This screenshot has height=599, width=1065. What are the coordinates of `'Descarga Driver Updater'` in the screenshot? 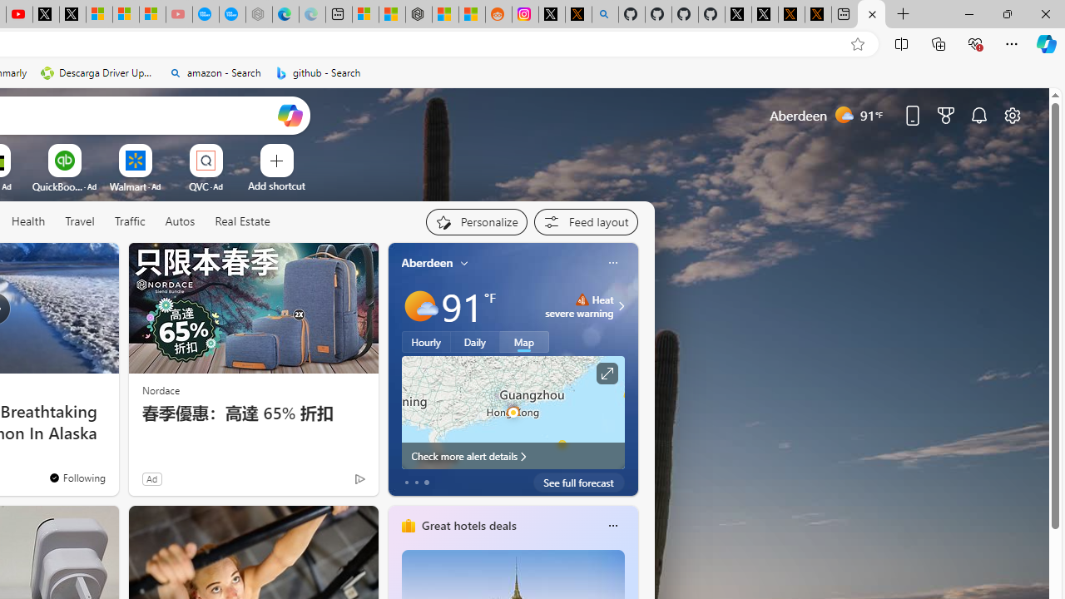 It's located at (97, 72).